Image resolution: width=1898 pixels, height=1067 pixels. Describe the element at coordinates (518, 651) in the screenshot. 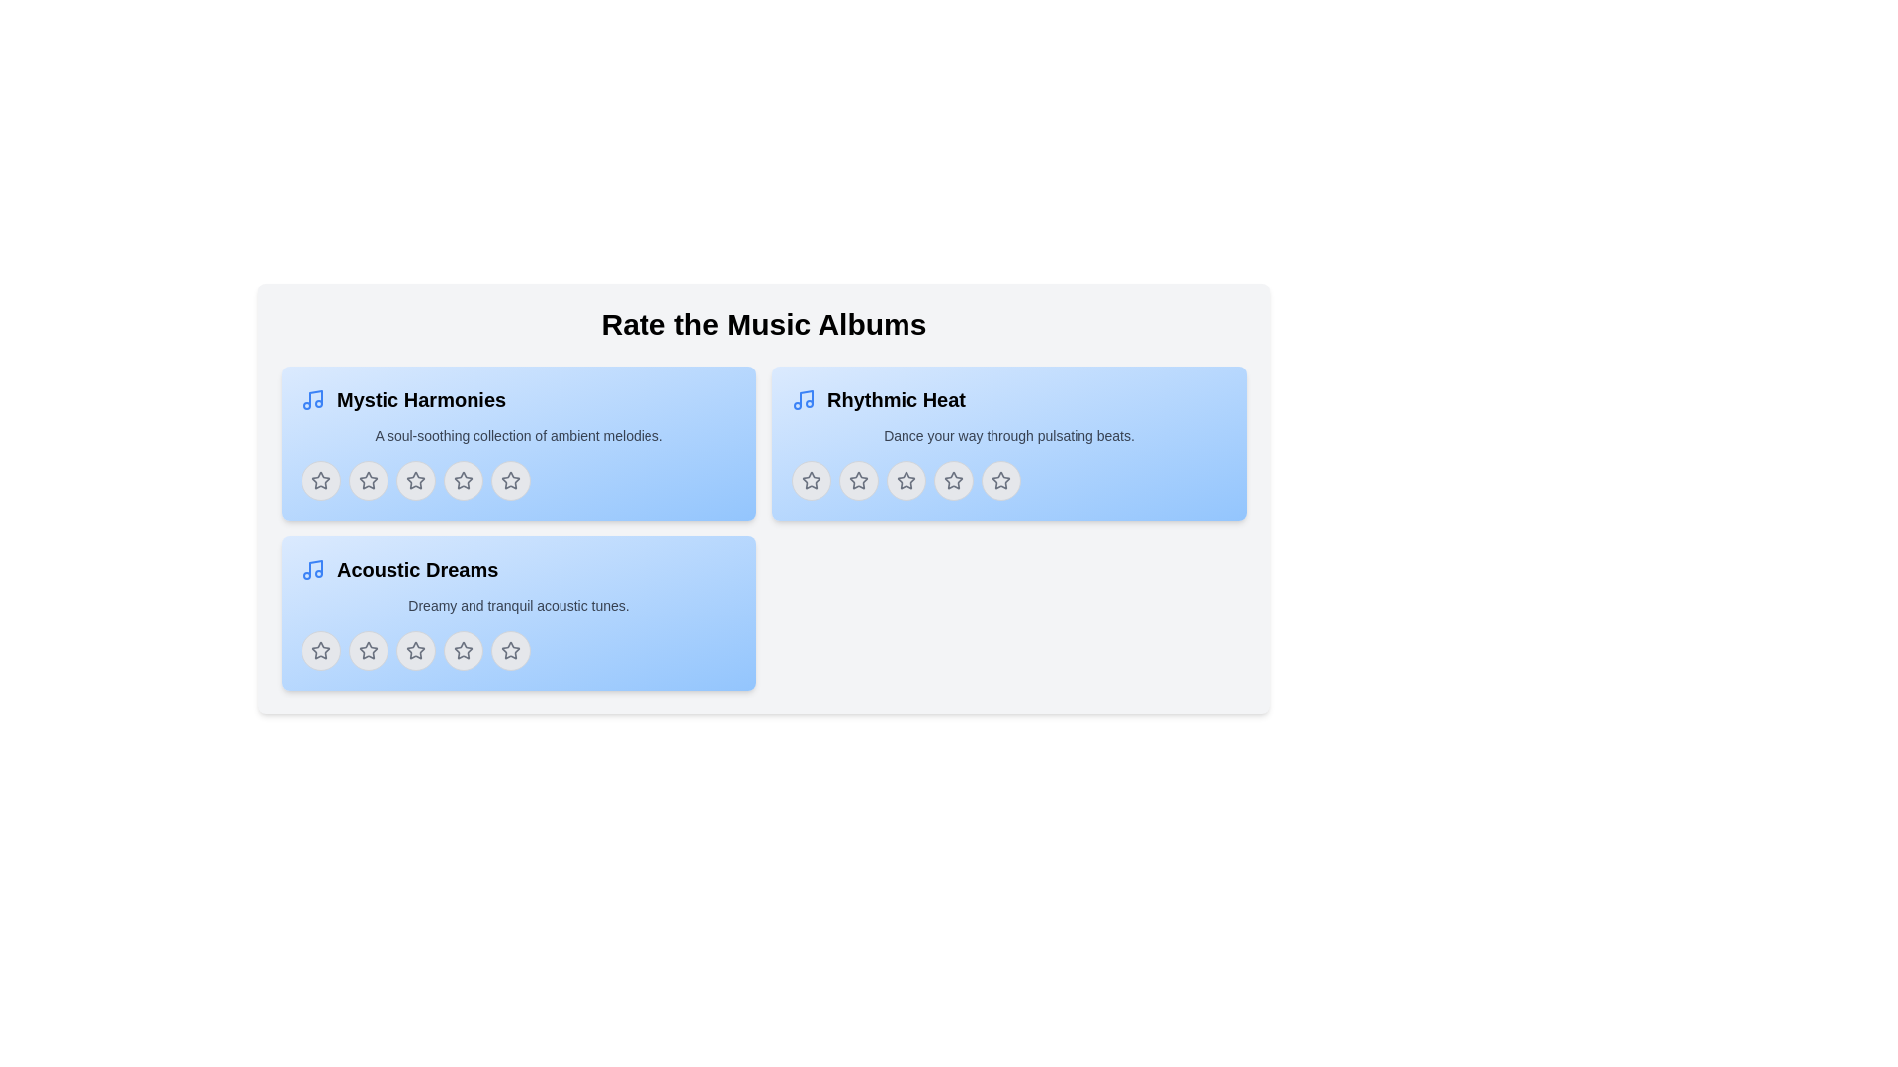

I see `the fourth star rating button in the 'Rate the Music Albums' section to rate the music` at that location.